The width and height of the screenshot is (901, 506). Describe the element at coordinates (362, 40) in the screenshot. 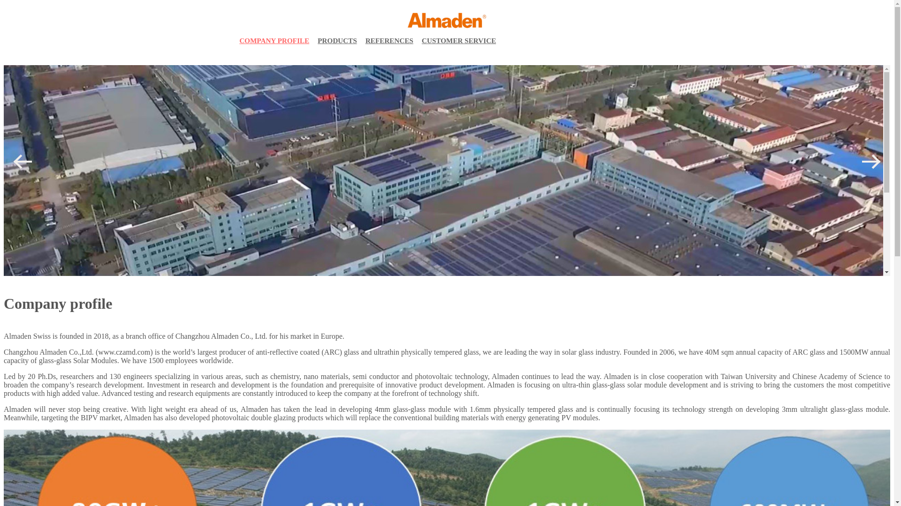

I see `'REFERENCES'` at that location.